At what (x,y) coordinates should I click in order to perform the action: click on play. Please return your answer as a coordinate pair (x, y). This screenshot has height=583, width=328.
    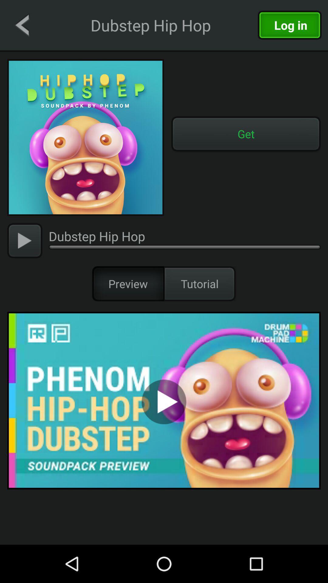
    Looking at the image, I should click on (24, 240).